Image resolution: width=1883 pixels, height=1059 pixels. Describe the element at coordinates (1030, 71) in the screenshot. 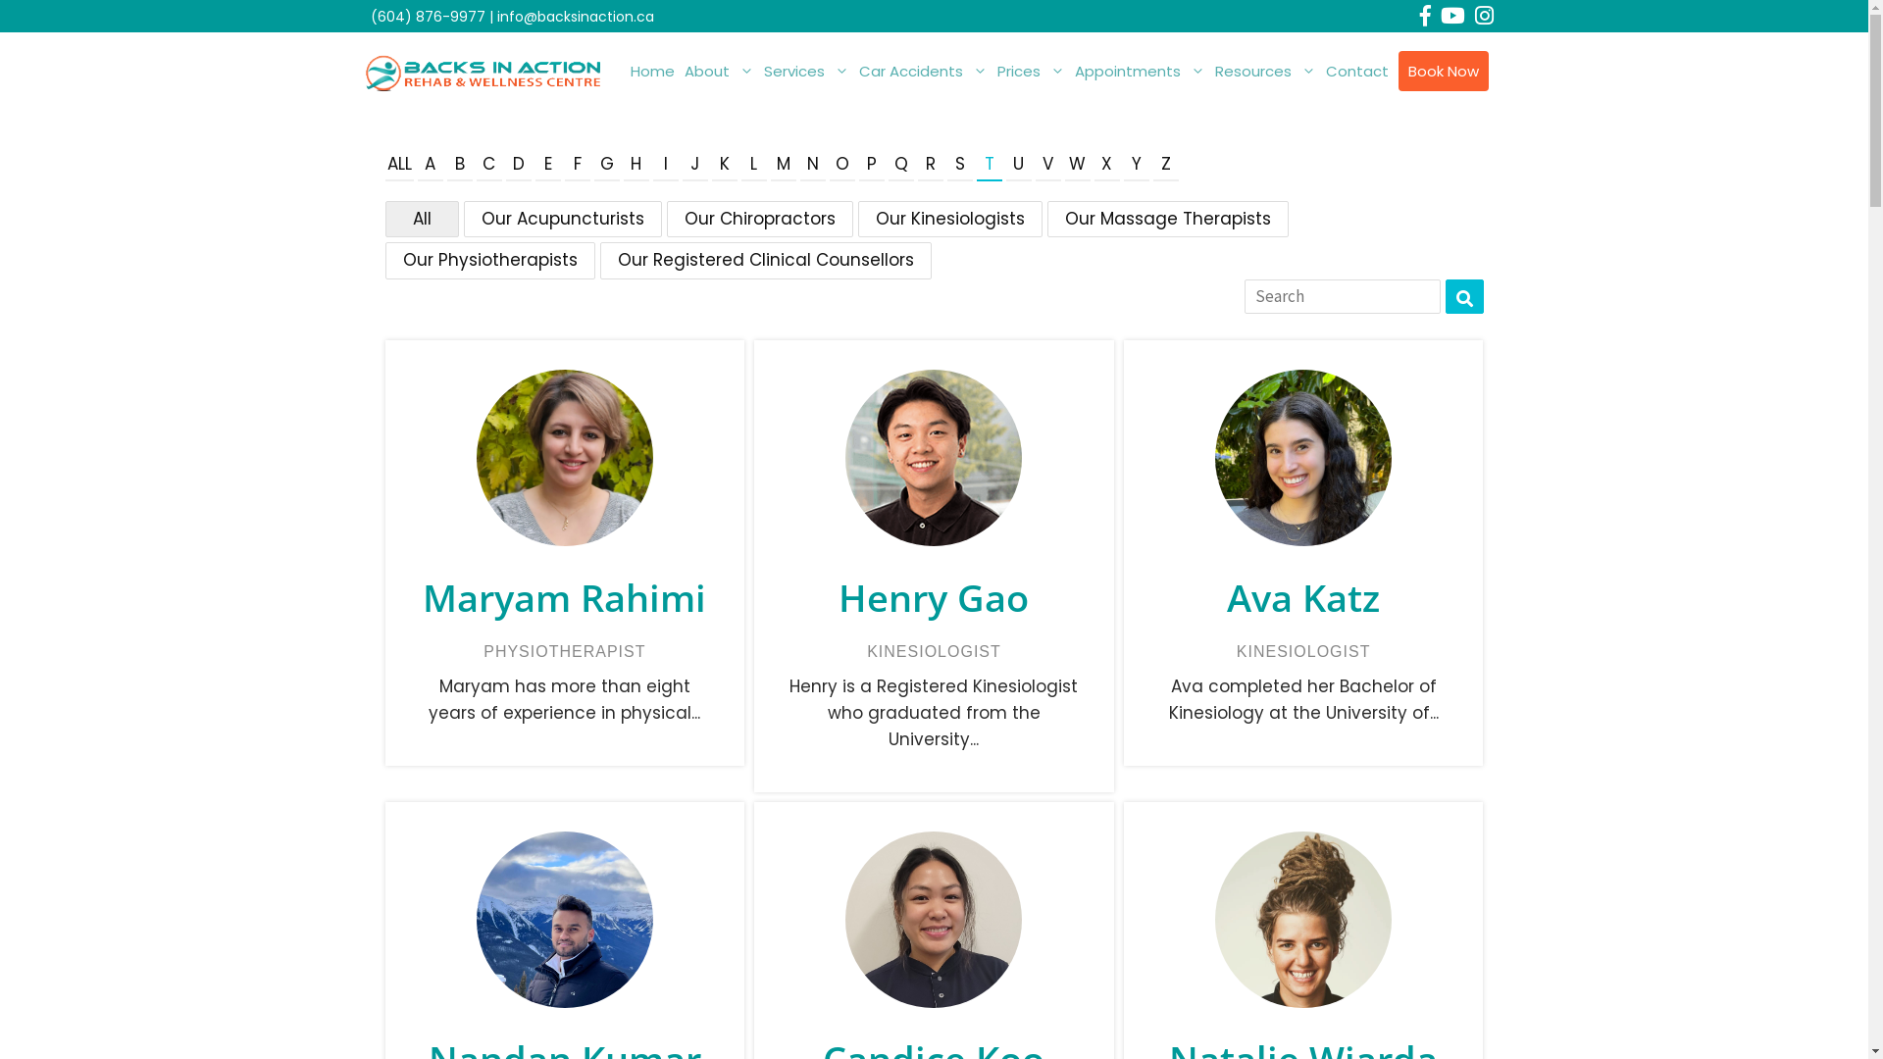

I see `'Prices'` at that location.